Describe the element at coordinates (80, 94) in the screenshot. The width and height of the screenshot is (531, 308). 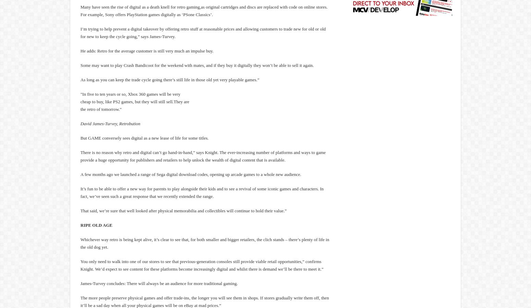
I see `'"In five to ten years or so, Xbox 360 games will be very'` at that location.